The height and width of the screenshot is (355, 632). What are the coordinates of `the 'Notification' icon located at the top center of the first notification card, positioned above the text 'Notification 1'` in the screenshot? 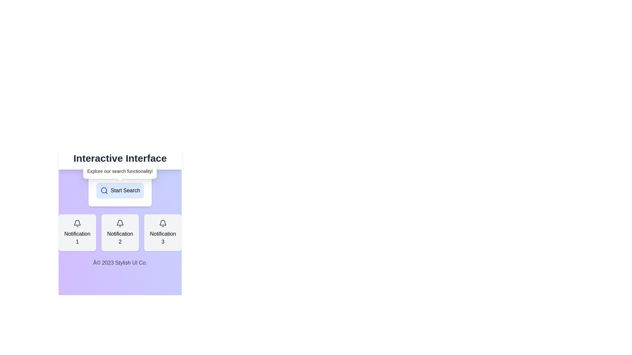 It's located at (77, 223).